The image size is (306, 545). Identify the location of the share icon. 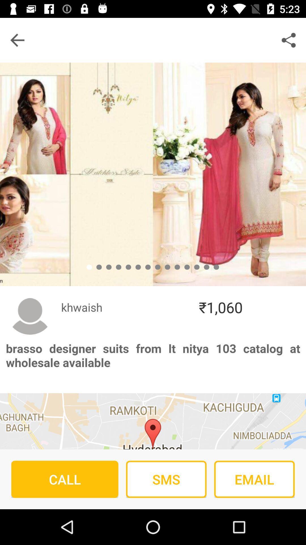
(288, 40).